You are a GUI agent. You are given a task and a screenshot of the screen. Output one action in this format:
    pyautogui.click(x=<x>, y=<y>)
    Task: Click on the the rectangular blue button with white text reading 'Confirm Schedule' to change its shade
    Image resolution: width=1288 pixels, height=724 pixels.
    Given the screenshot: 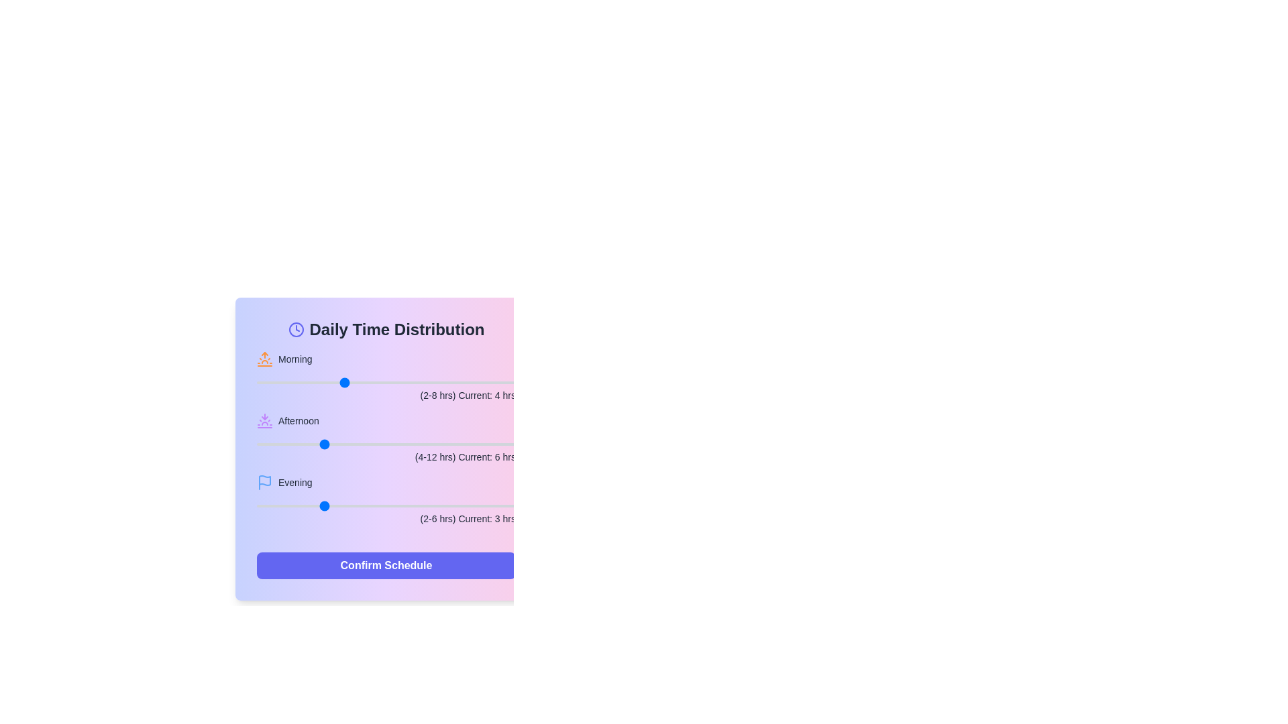 What is the action you would take?
    pyautogui.click(x=386, y=566)
    